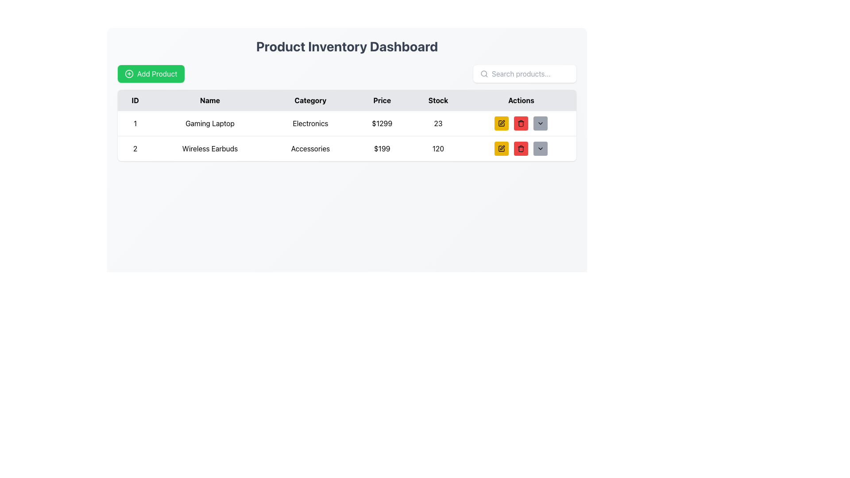 This screenshot has height=478, width=850. Describe the element at coordinates (521, 123) in the screenshot. I see `the delete button in the Actions column for the second row associated with 'Wireless Earbuds'` at that location.